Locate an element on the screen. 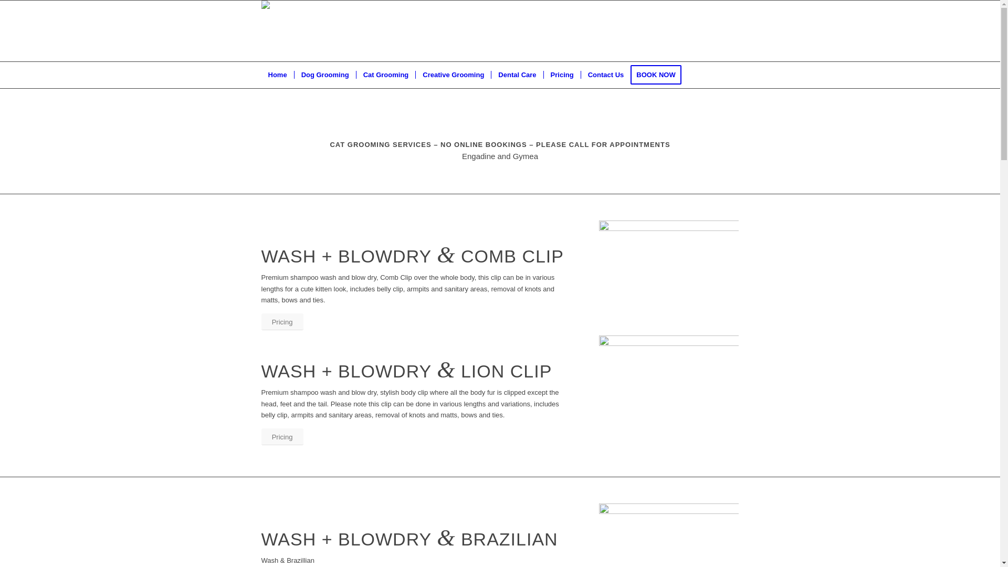  'Creative Grooming' is located at coordinates (453, 74).